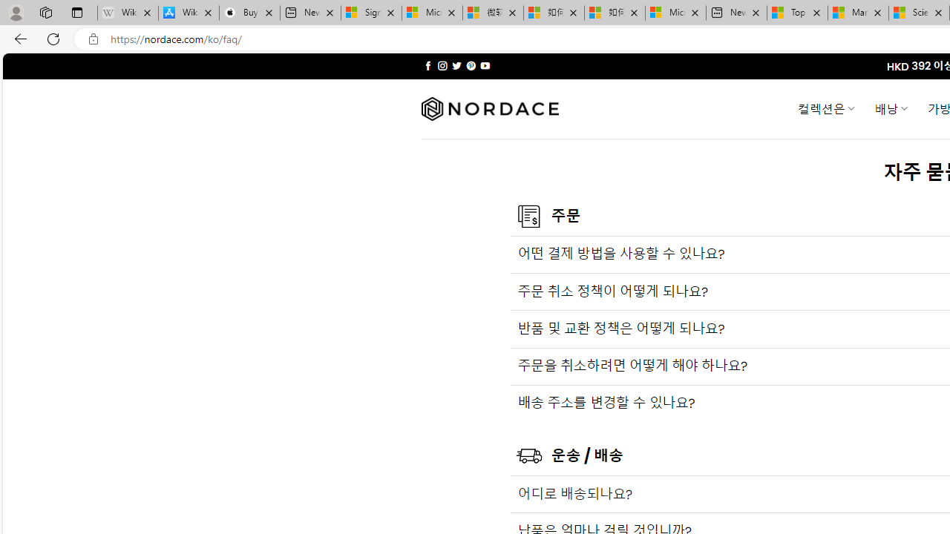 This screenshot has height=534, width=950. Describe the element at coordinates (442, 65) in the screenshot. I see `'Follow on Instagram'` at that location.